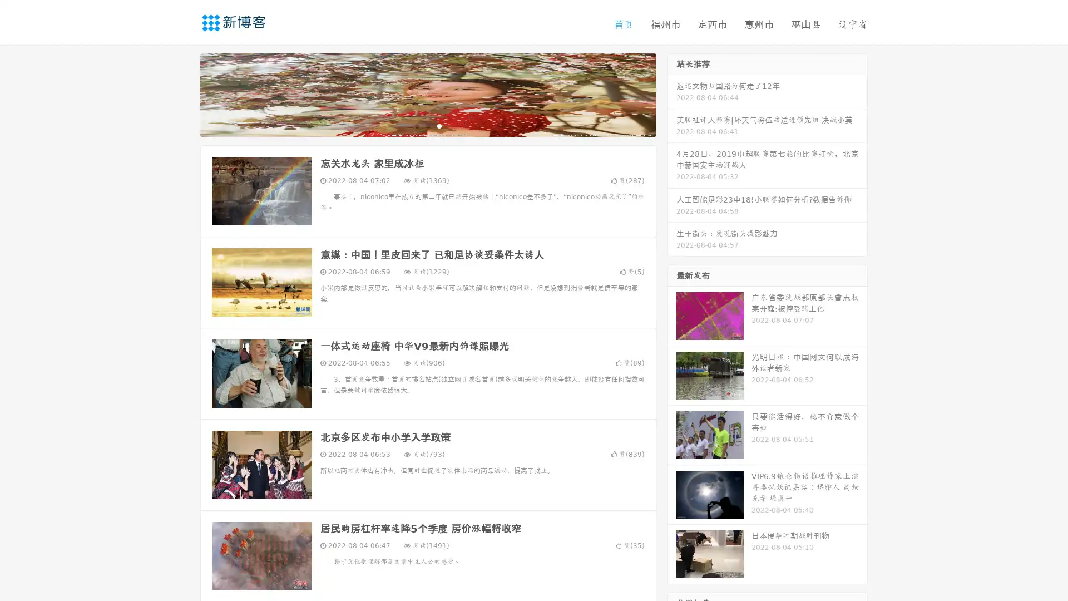  I want to click on Previous slide, so click(184, 93).